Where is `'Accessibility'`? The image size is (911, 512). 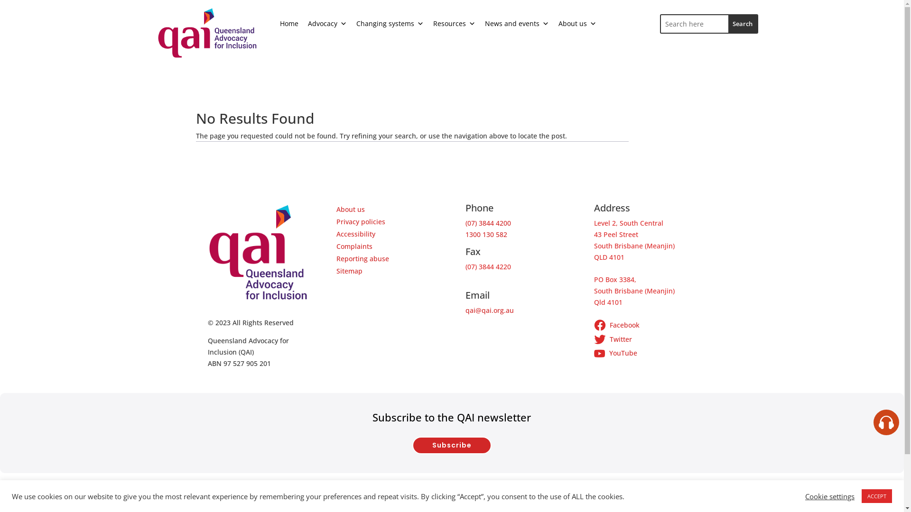
'Accessibility' is located at coordinates (355, 234).